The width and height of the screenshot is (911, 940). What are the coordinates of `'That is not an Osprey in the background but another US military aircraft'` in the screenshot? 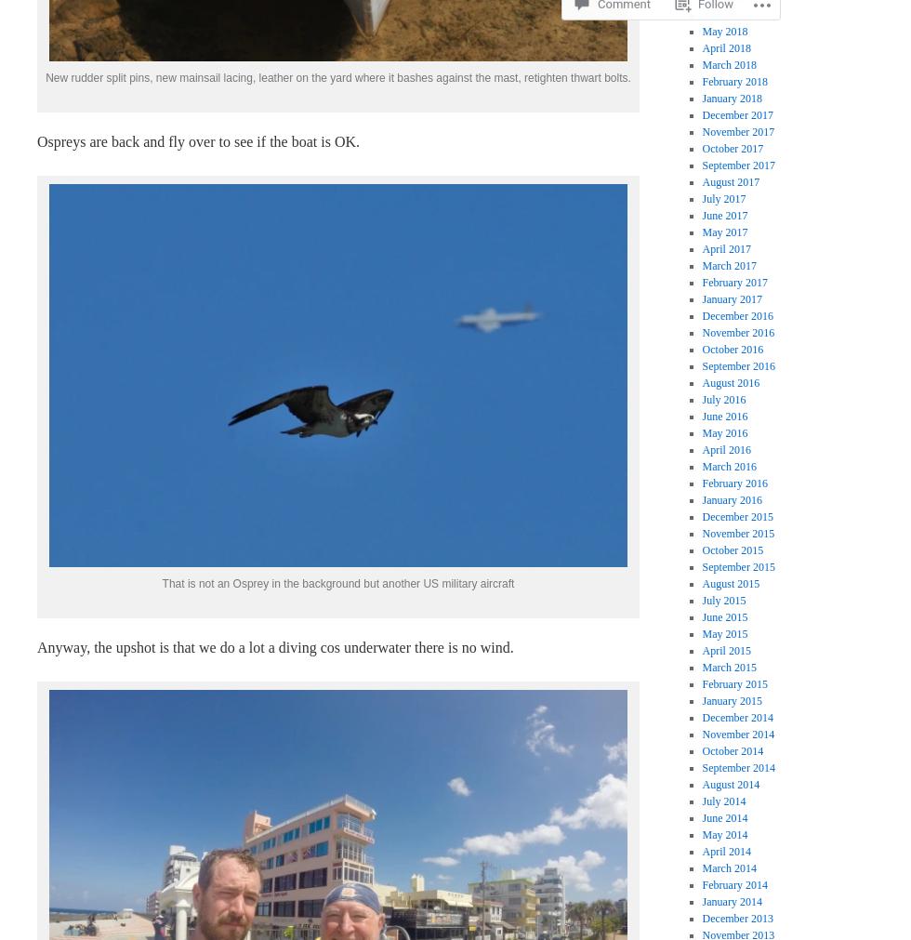 It's located at (337, 584).